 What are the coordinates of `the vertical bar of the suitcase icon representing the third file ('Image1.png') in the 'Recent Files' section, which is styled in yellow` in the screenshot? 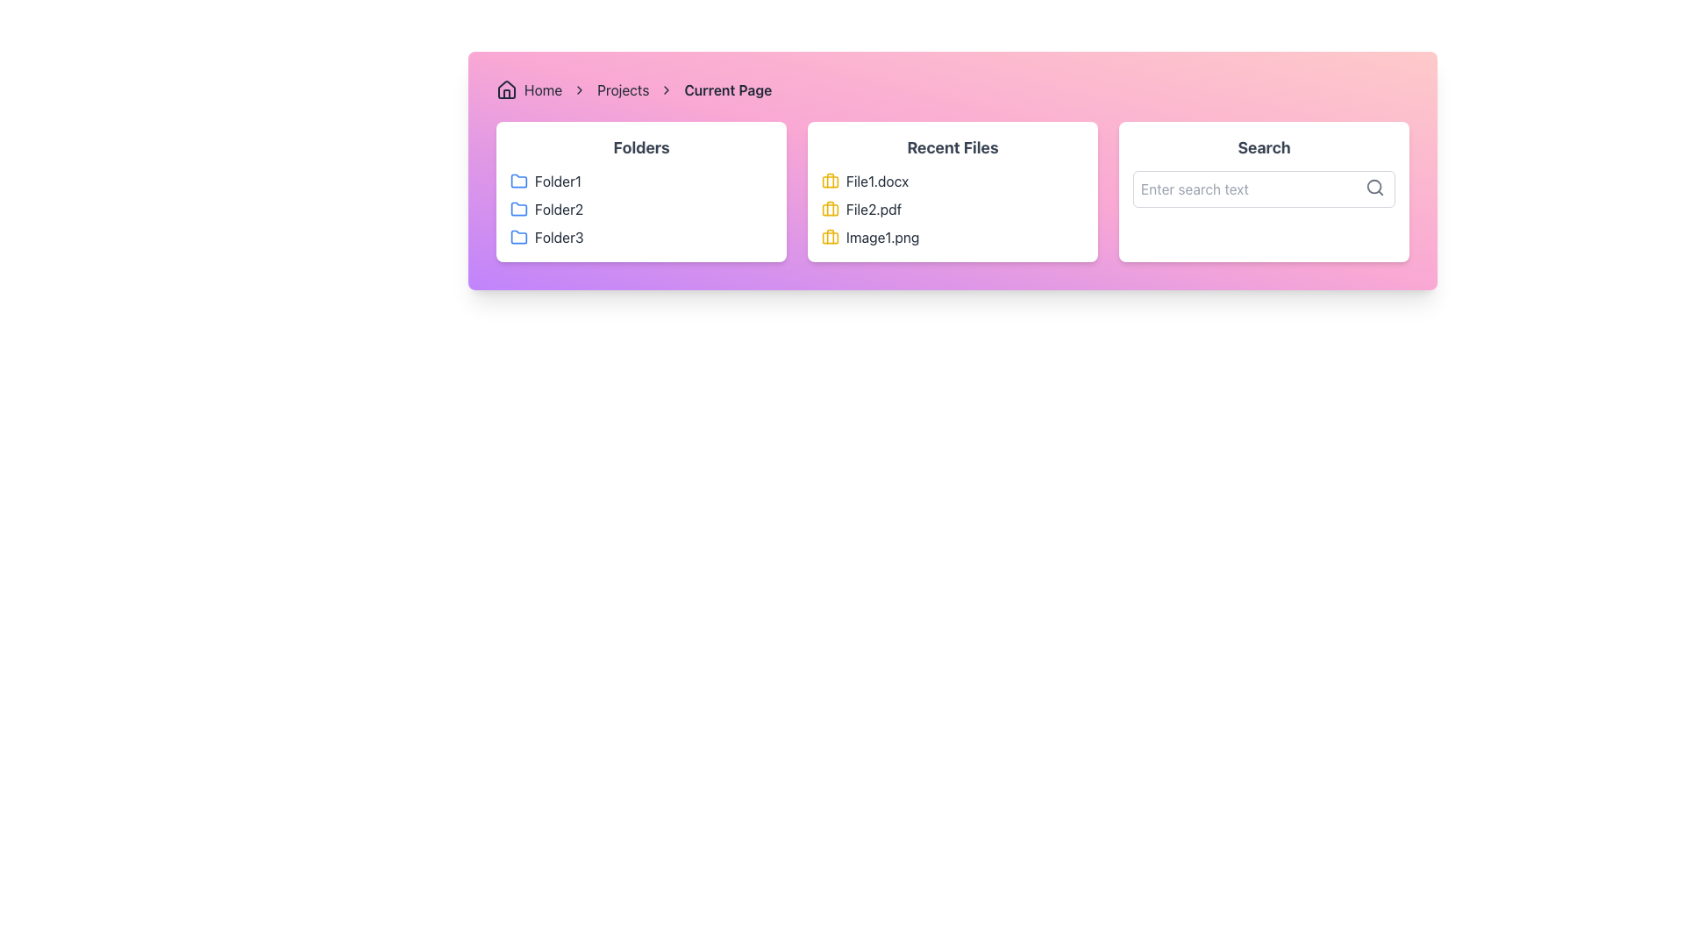 It's located at (829, 237).